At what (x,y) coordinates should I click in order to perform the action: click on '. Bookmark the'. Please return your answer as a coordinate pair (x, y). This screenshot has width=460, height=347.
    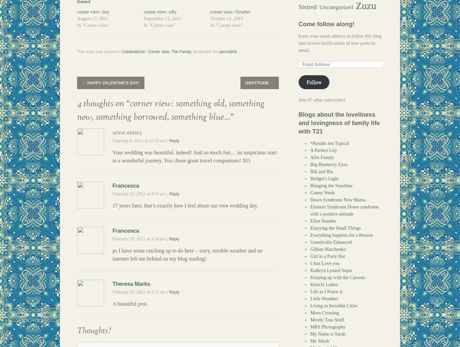
    Looking at the image, I should click on (204, 51).